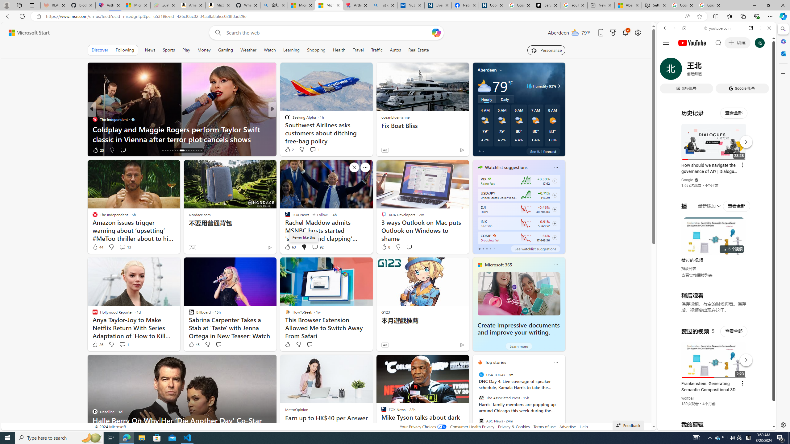  What do you see at coordinates (492, 5) in the screenshot?
I see `'Cookies'` at bounding box center [492, 5].